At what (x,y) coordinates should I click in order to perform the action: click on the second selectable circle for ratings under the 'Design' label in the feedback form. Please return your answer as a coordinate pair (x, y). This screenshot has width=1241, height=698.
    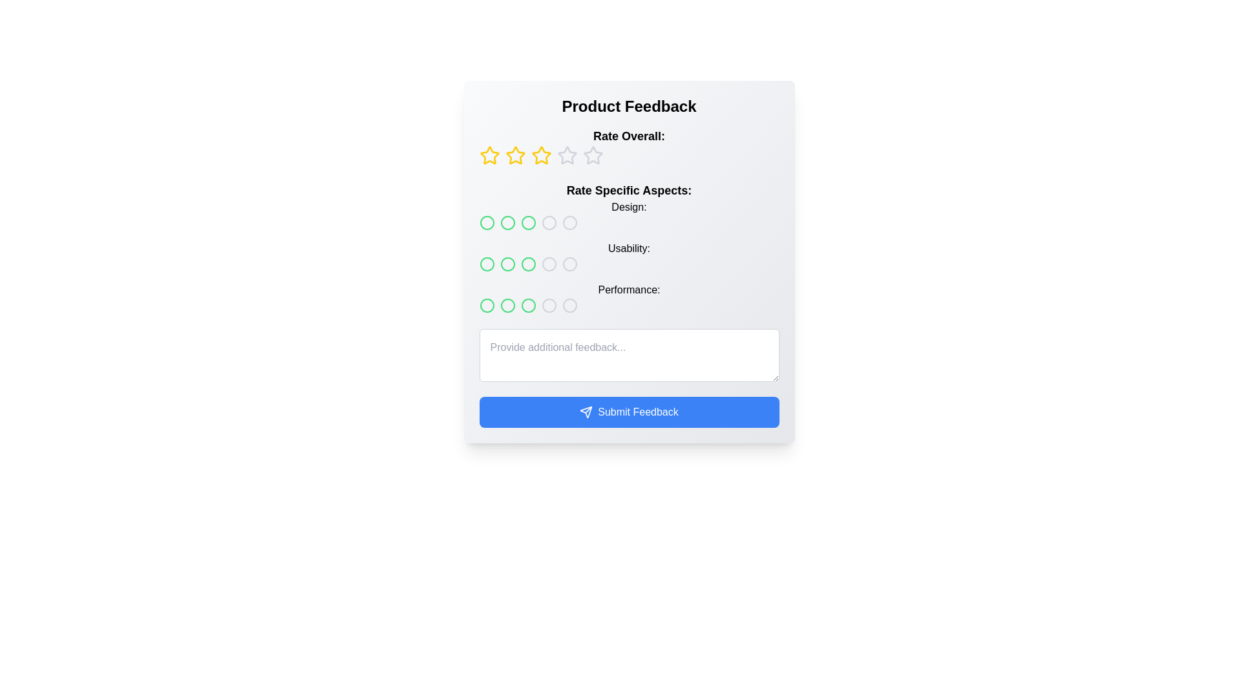
    Looking at the image, I should click on (569, 222).